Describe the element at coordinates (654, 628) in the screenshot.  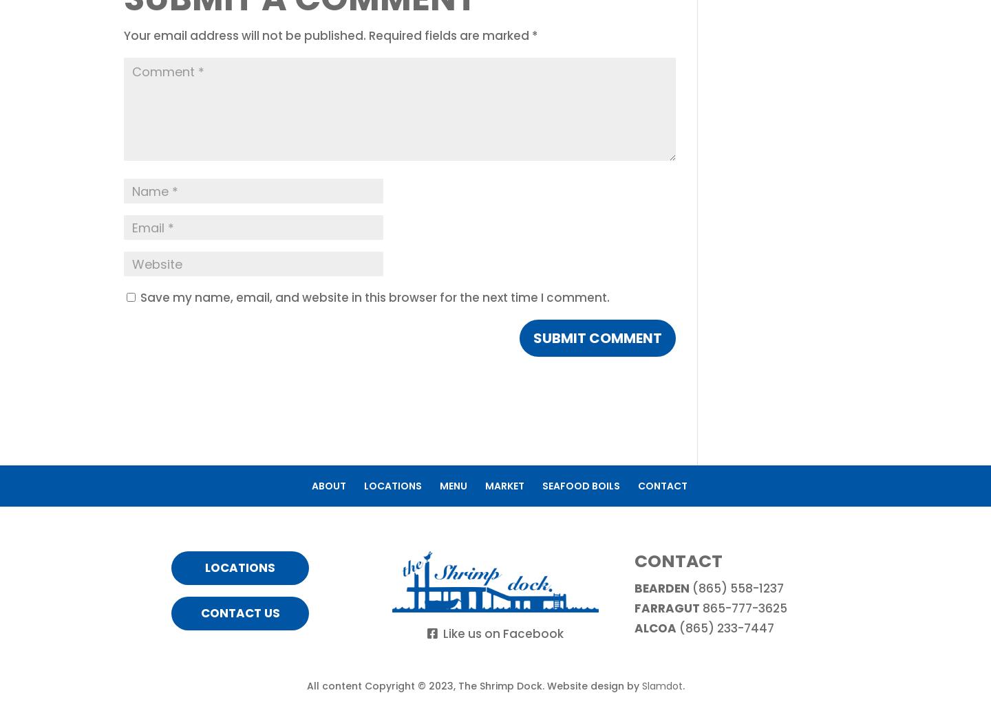
I see `'ALCOA'` at that location.